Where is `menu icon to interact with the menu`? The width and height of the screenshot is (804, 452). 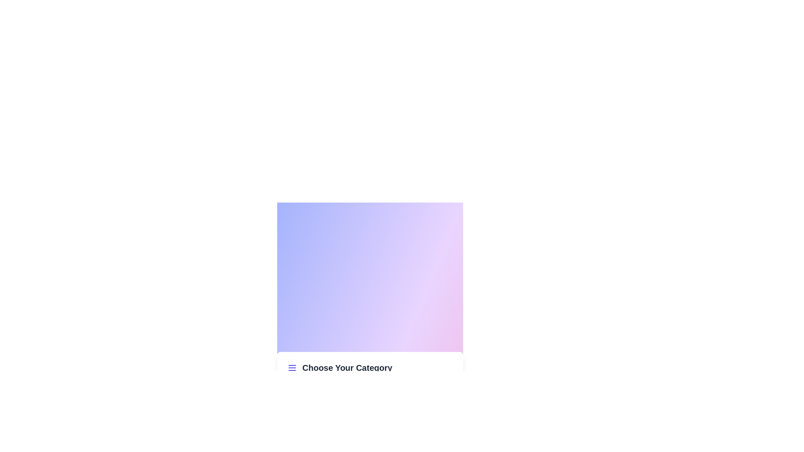
menu icon to interact with the menu is located at coordinates (292, 367).